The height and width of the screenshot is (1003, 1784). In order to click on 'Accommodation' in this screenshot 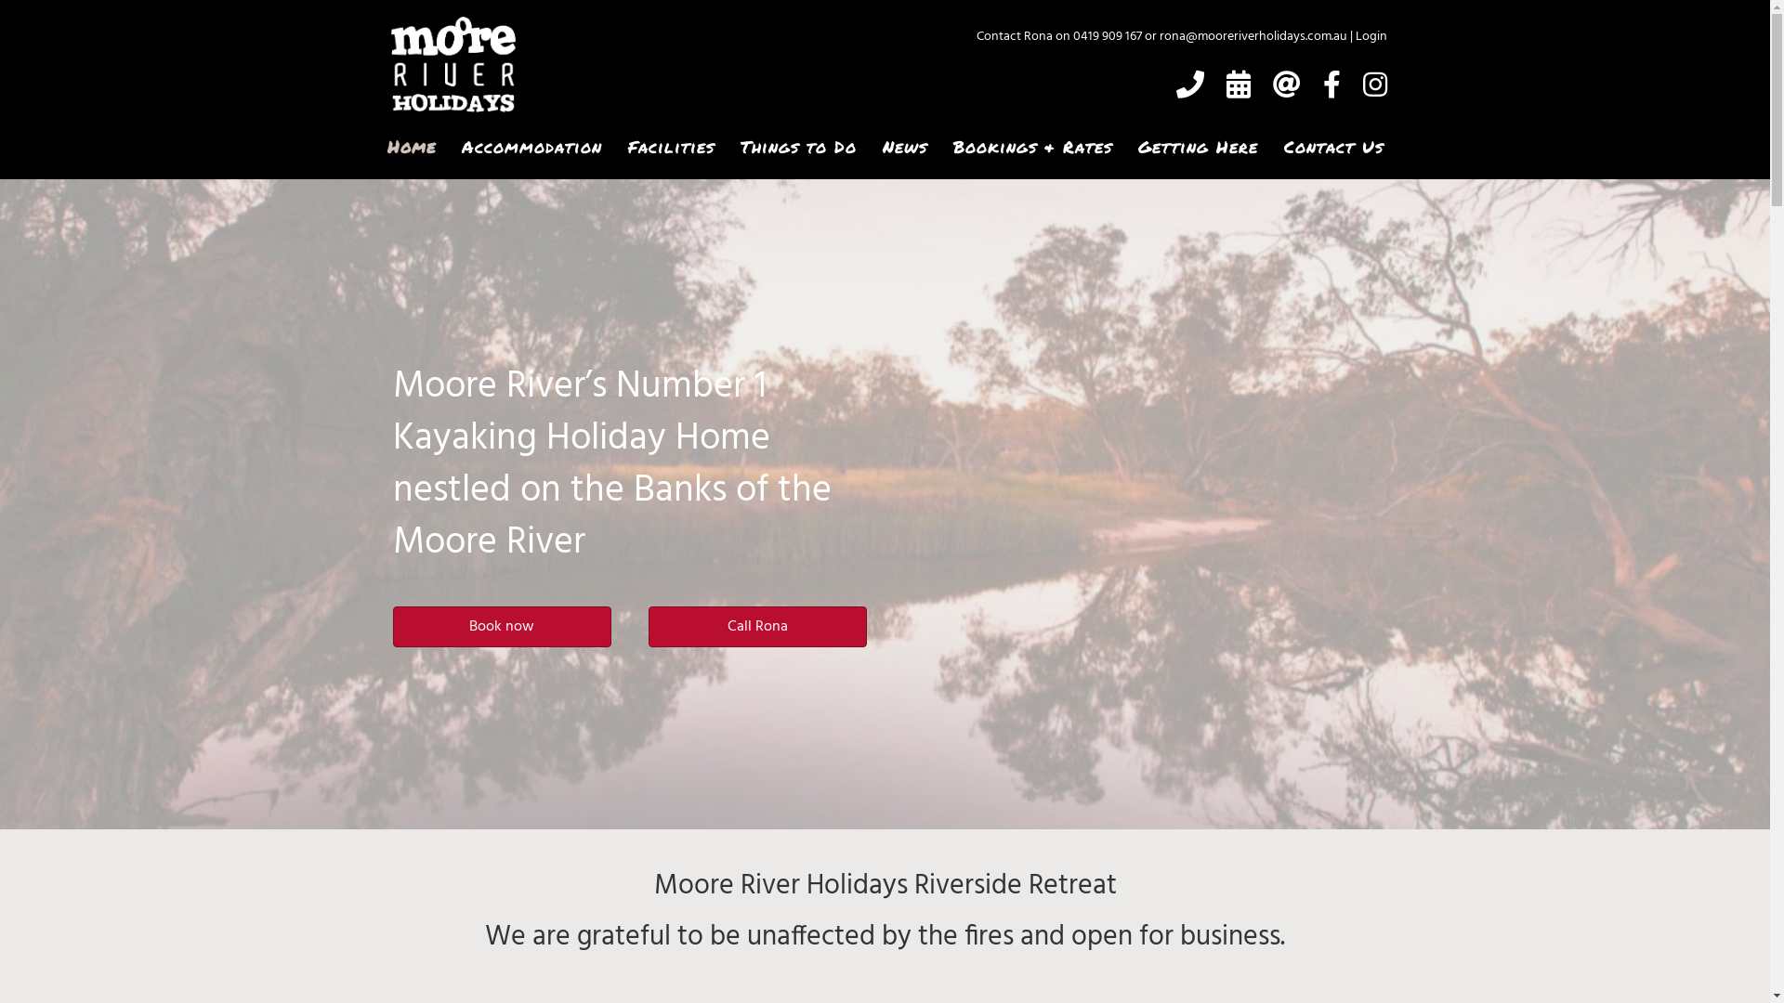, I will do `click(530, 146)`.